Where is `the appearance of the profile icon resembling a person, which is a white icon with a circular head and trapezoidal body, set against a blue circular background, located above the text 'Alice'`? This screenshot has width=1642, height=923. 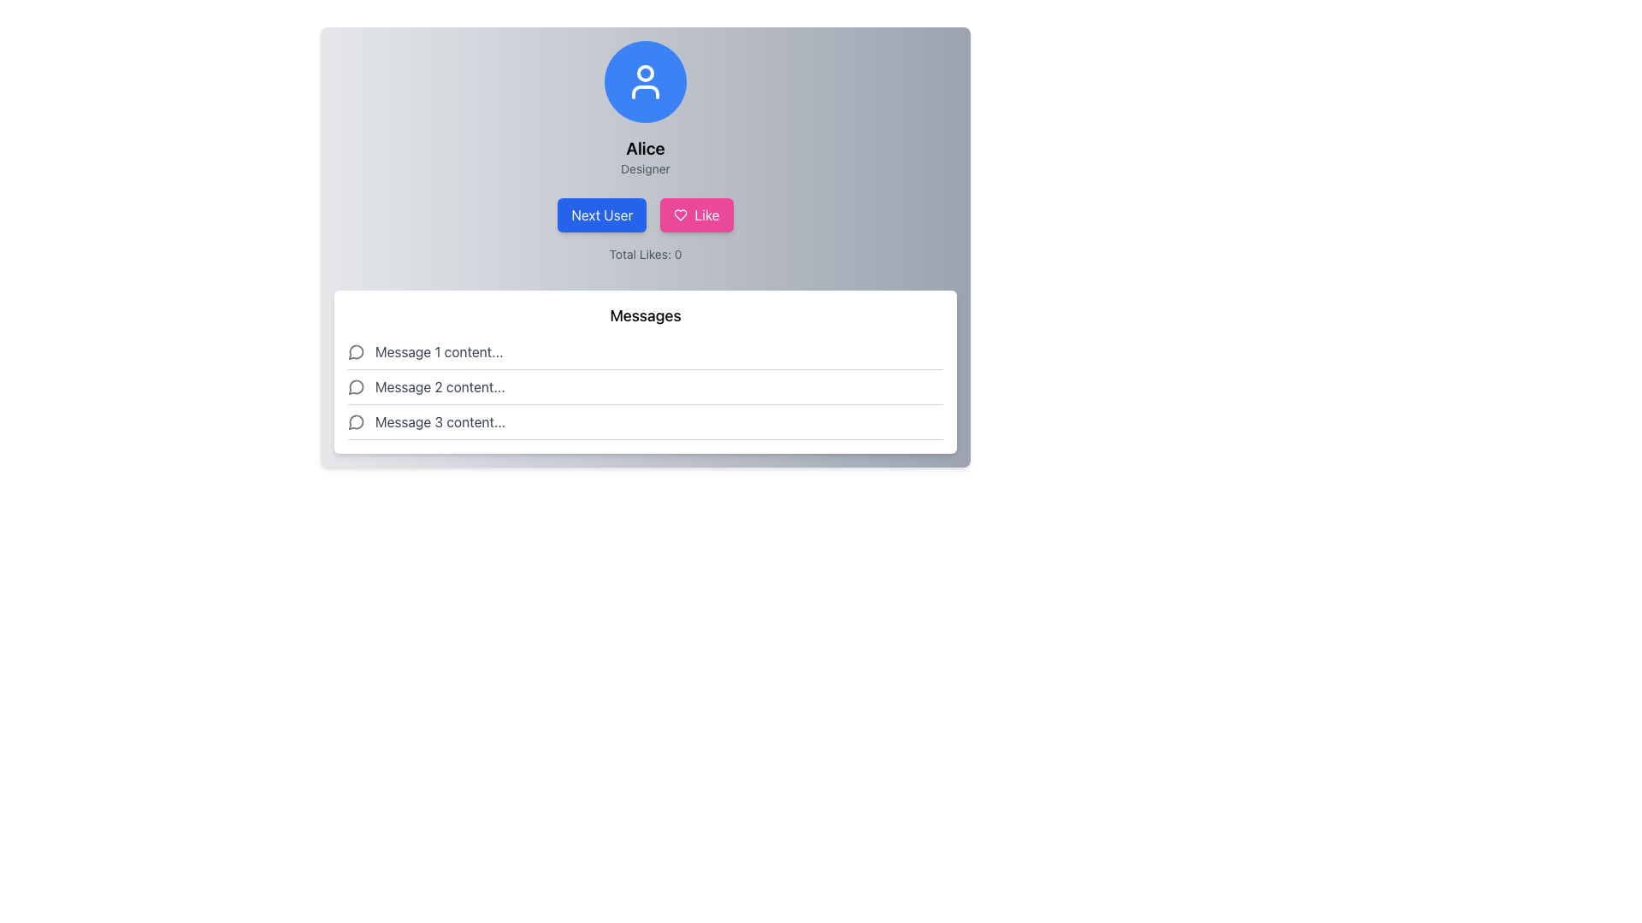 the appearance of the profile icon resembling a person, which is a white icon with a circular head and trapezoidal body, set against a blue circular background, located above the text 'Alice' is located at coordinates (644, 82).